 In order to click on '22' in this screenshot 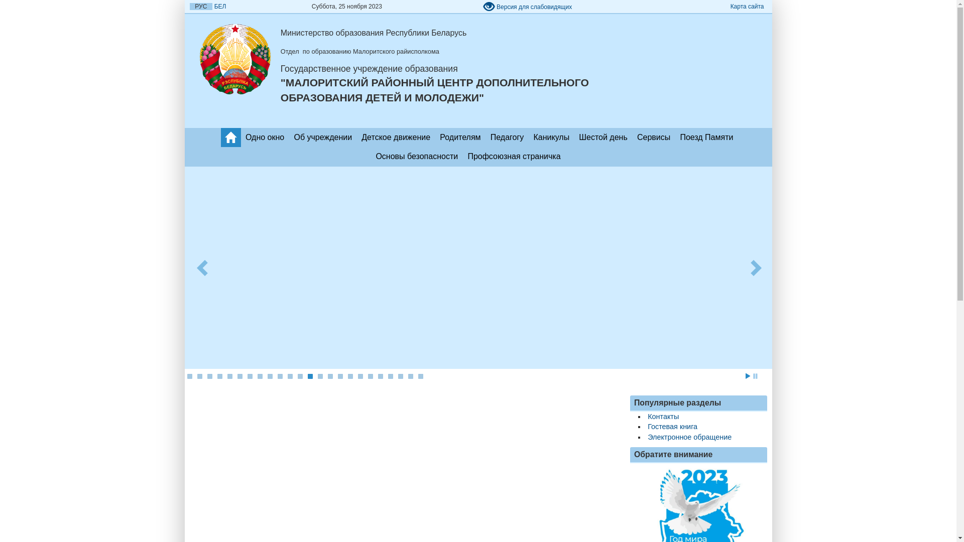, I will do `click(397, 376)`.